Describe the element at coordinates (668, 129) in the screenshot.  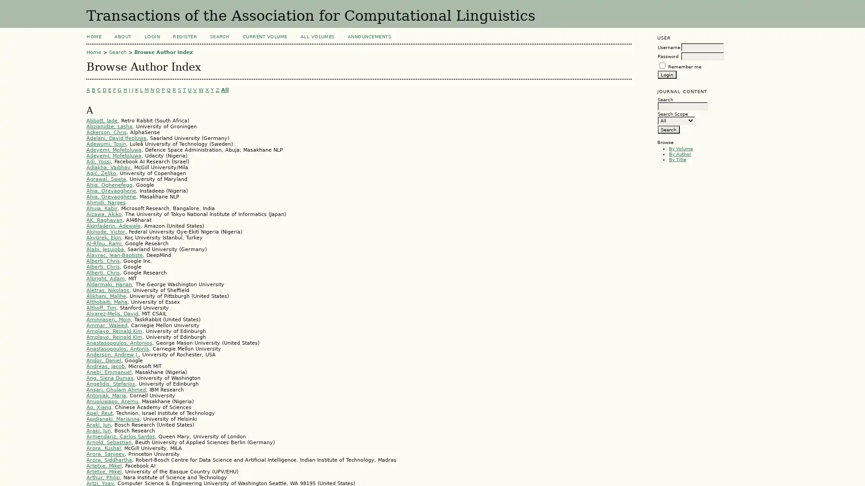
I see `Search` at that location.